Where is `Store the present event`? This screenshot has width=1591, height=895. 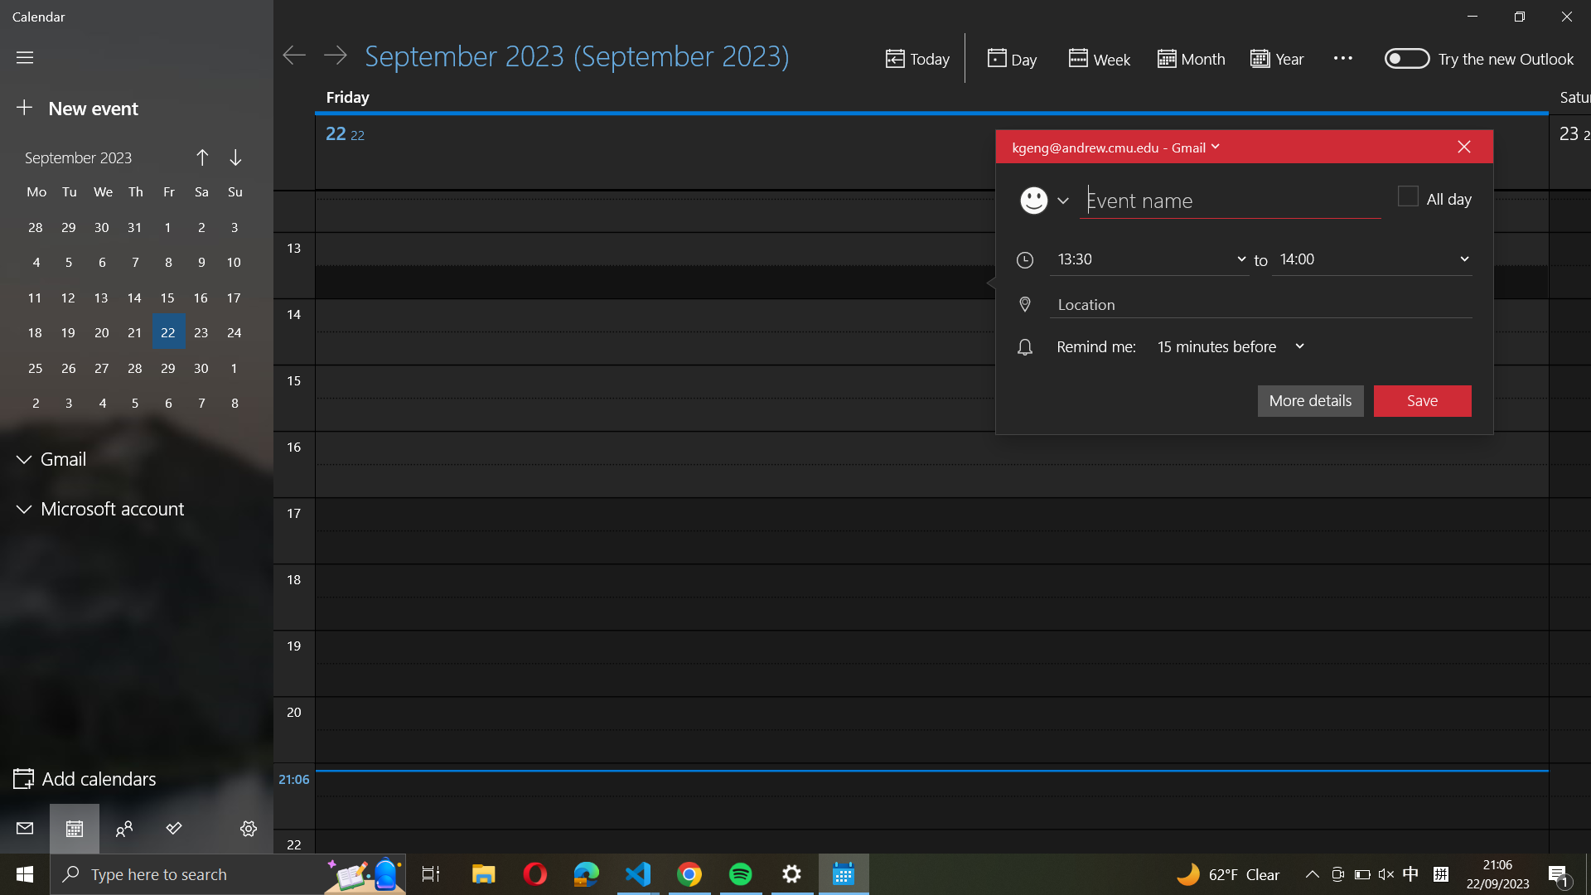
Store the present event is located at coordinates (1422, 399).